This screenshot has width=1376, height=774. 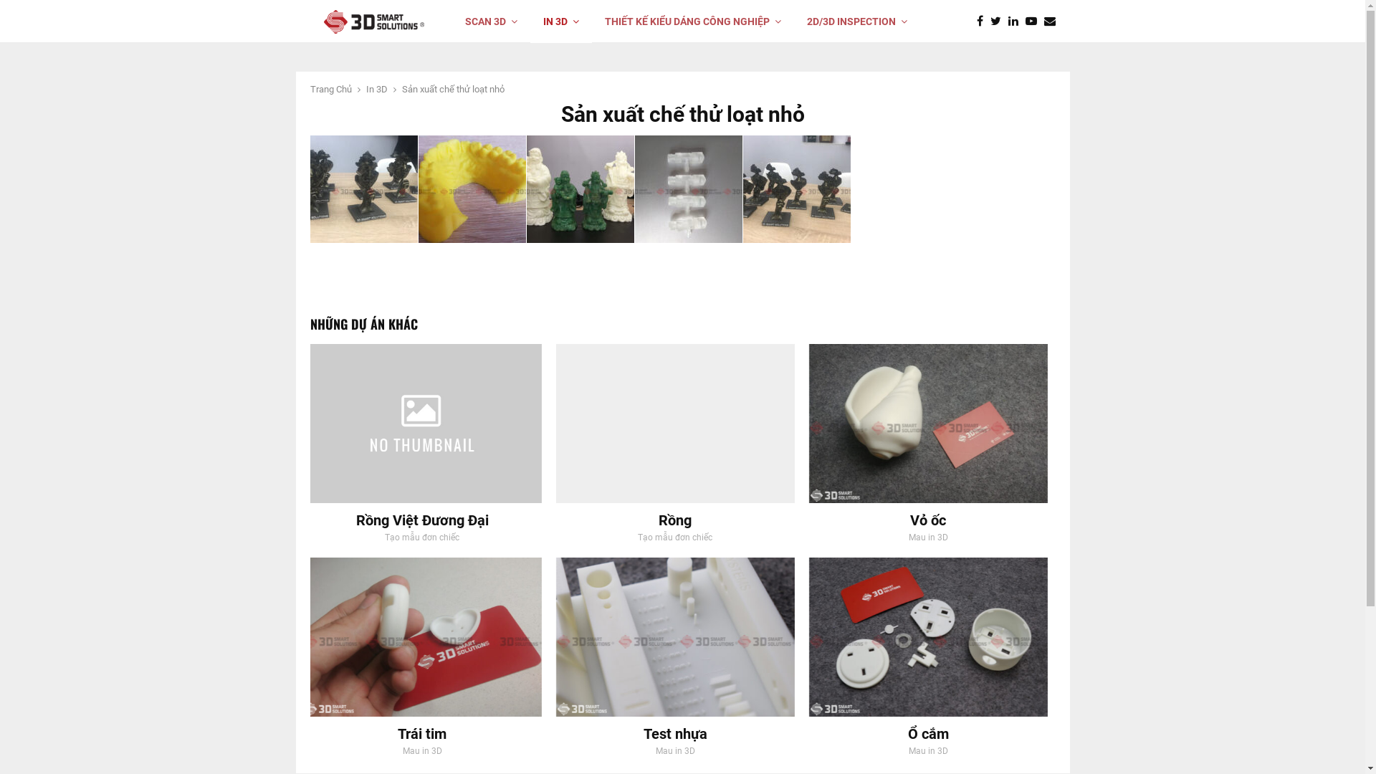 What do you see at coordinates (1034, 21) in the screenshot?
I see `'Youtube'` at bounding box center [1034, 21].